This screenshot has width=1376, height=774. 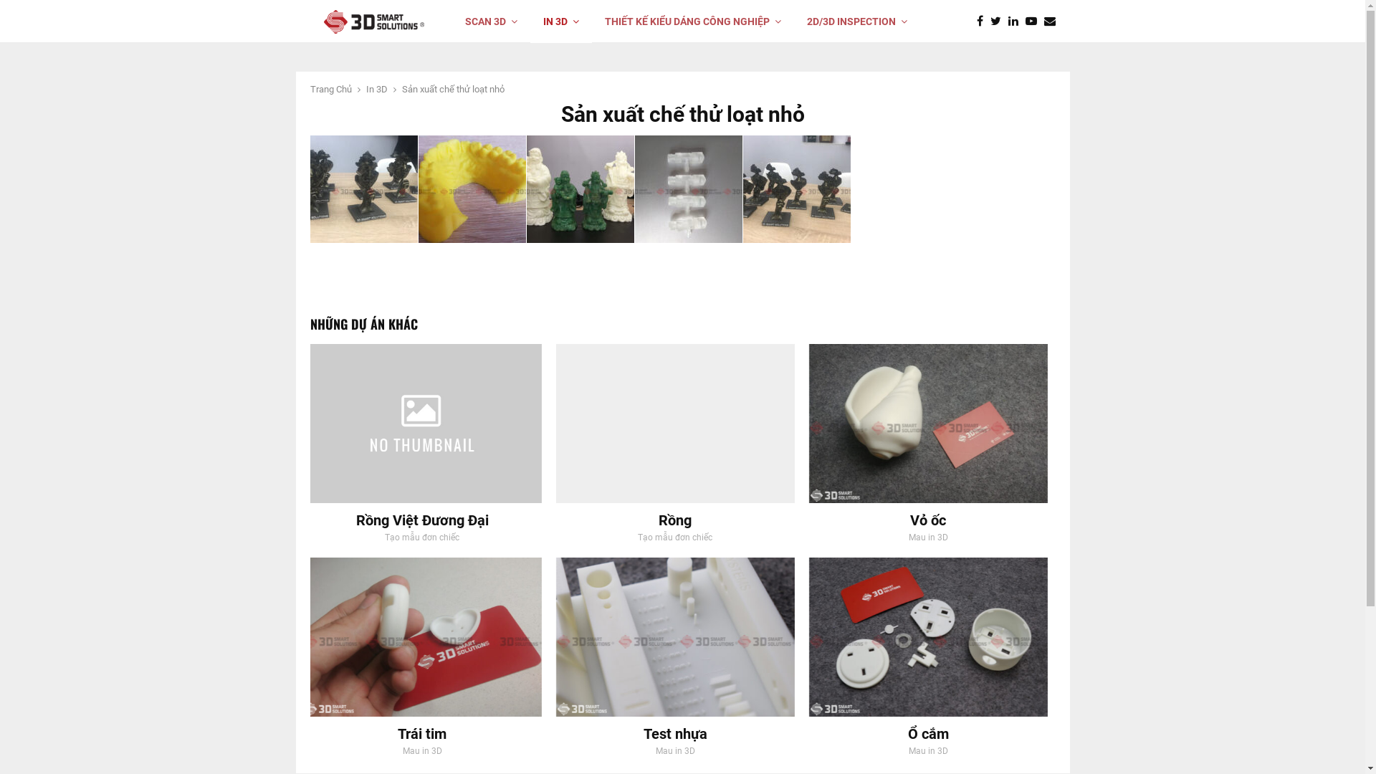 What do you see at coordinates (1034, 21) in the screenshot?
I see `'Youtube'` at bounding box center [1034, 21].